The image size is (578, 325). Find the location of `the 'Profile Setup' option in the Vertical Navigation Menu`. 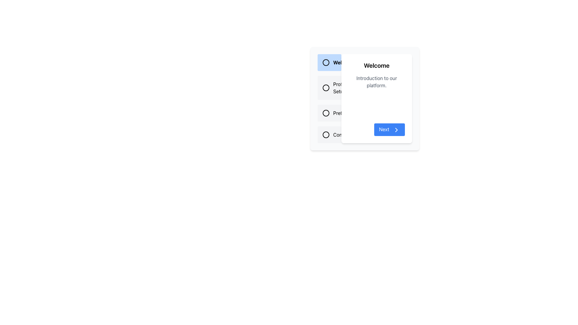

the 'Profile Setup' option in the Vertical Navigation Menu is located at coordinates (329, 98).